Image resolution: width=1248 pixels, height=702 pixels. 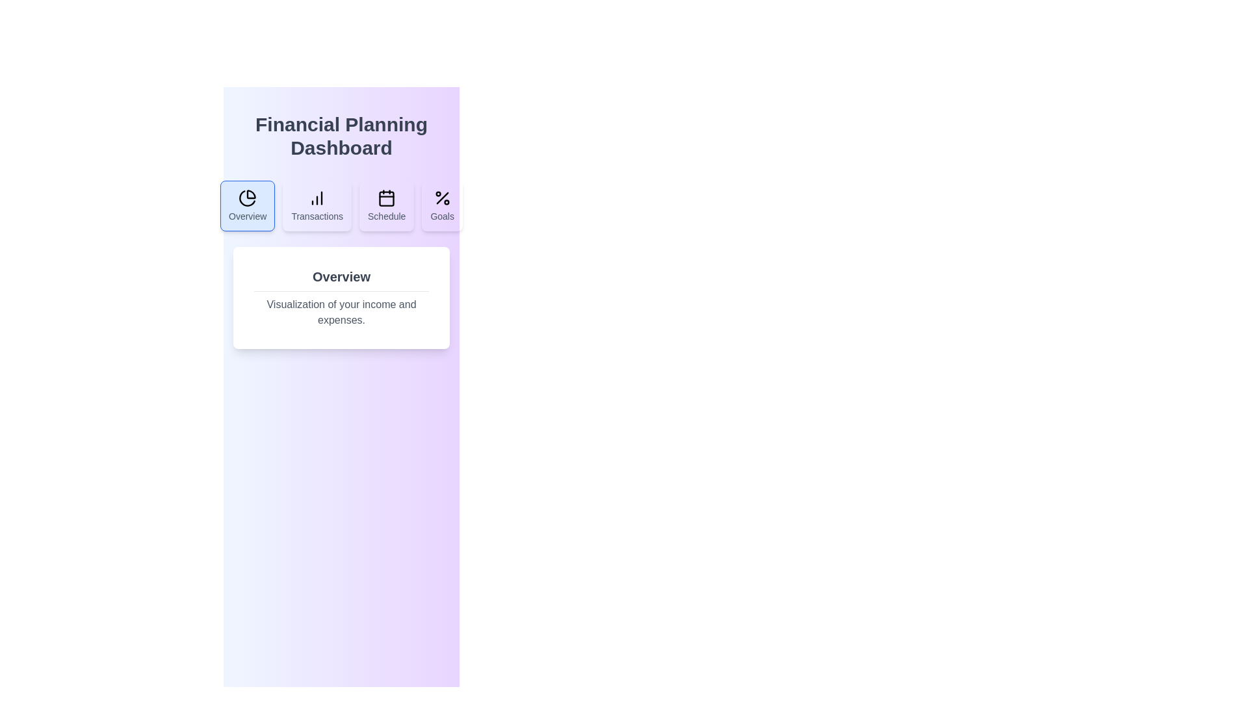 What do you see at coordinates (248, 198) in the screenshot?
I see `the 'Overview' icon located at the top left of the rectangular button labeled 'Overview', which serves as a visual indicator for the Overview category` at bounding box center [248, 198].